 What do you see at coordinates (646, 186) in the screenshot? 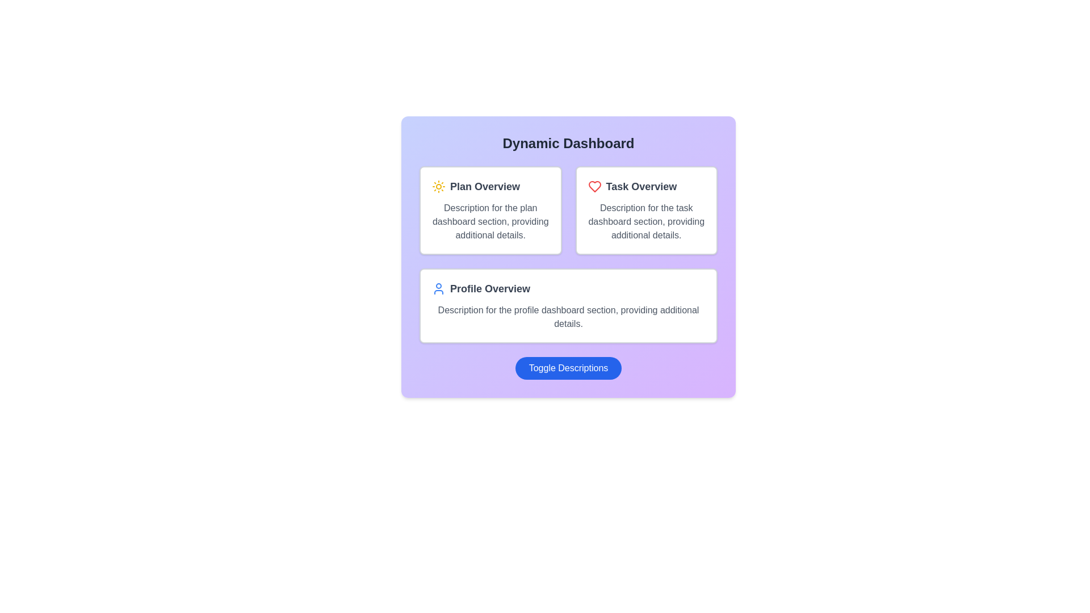
I see `the 'Task Overview' text element, which is associated with a red heart-shaped icon and is located in the upper right rectangle of the summary cards` at bounding box center [646, 186].